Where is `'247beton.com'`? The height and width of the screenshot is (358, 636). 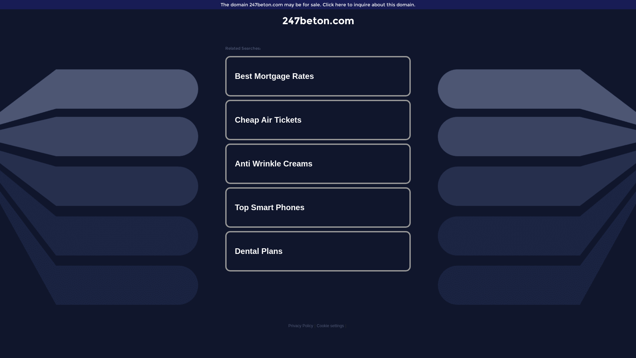 '247beton.com' is located at coordinates (318, 20).